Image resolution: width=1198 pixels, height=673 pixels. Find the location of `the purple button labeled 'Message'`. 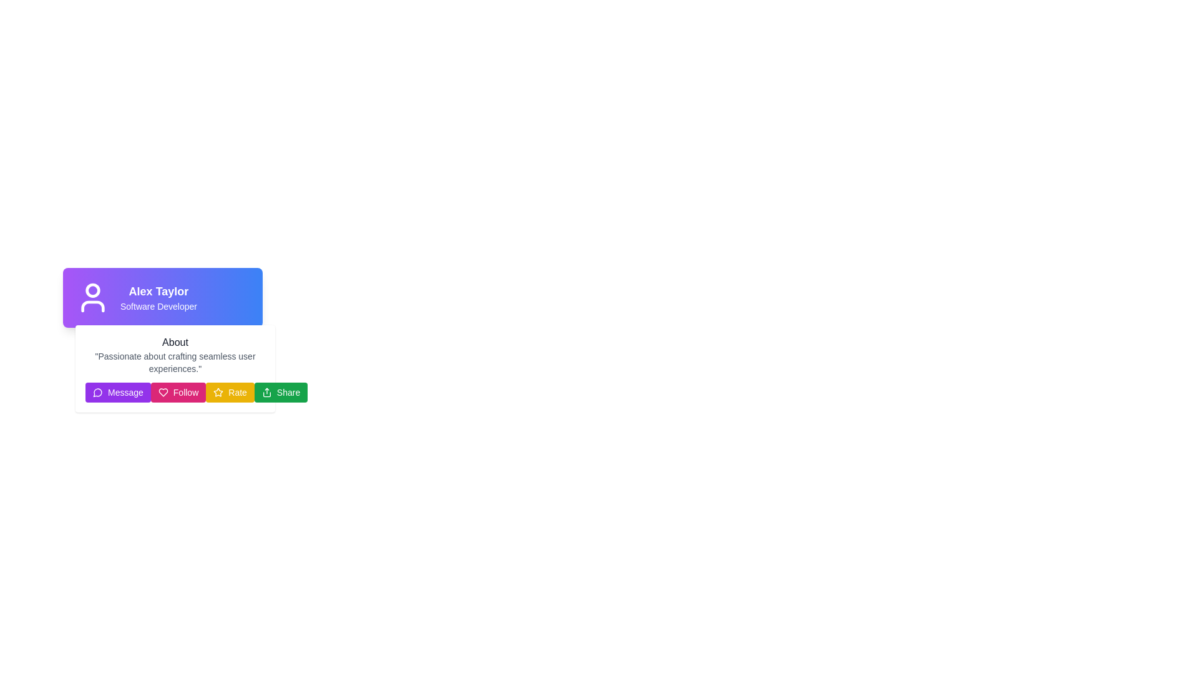

the purple button labeled 'Message' is located at coordinates (118, 391).